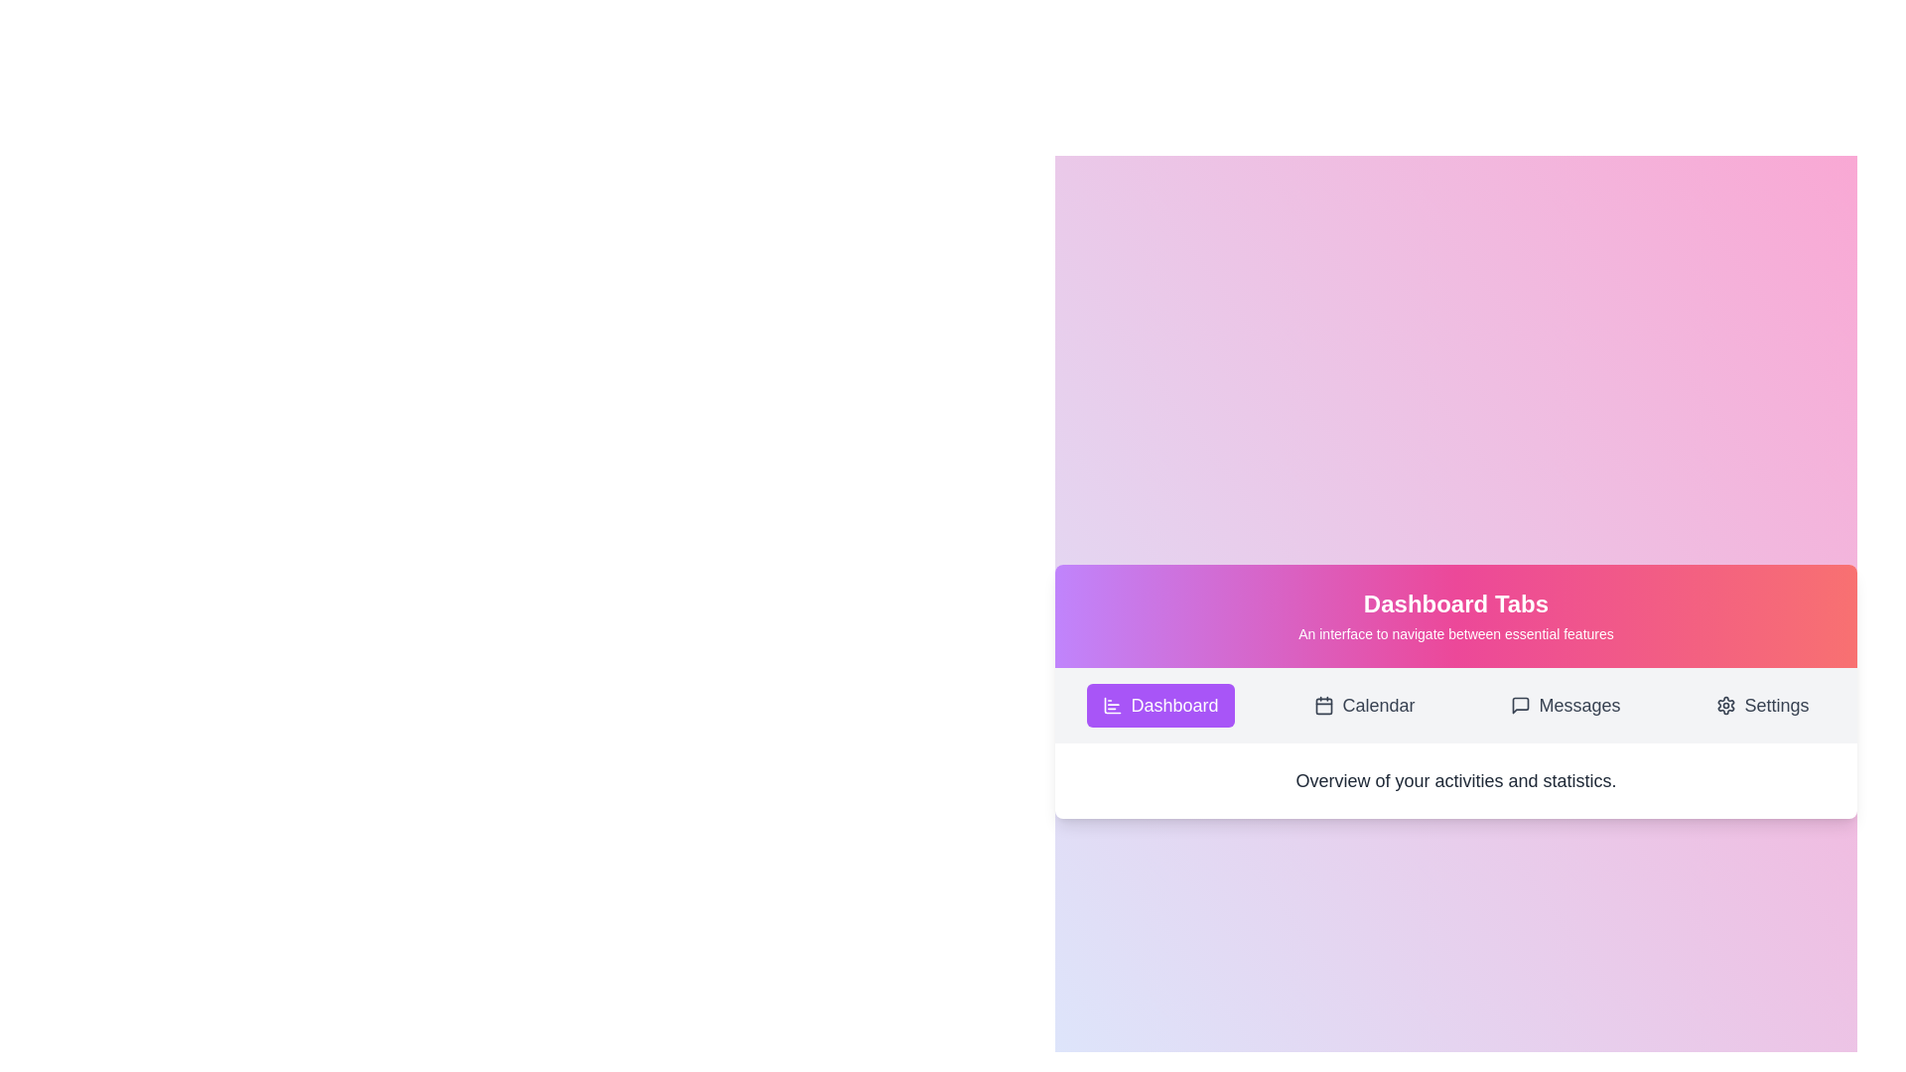 This screenshot has width=1906, height=1072. What do you see at coordinates (1763, 704) in the screenshot?
I see `the settings button, which is the fourth option in the horizontal navigation bar` at bounding box center [1763, 704].